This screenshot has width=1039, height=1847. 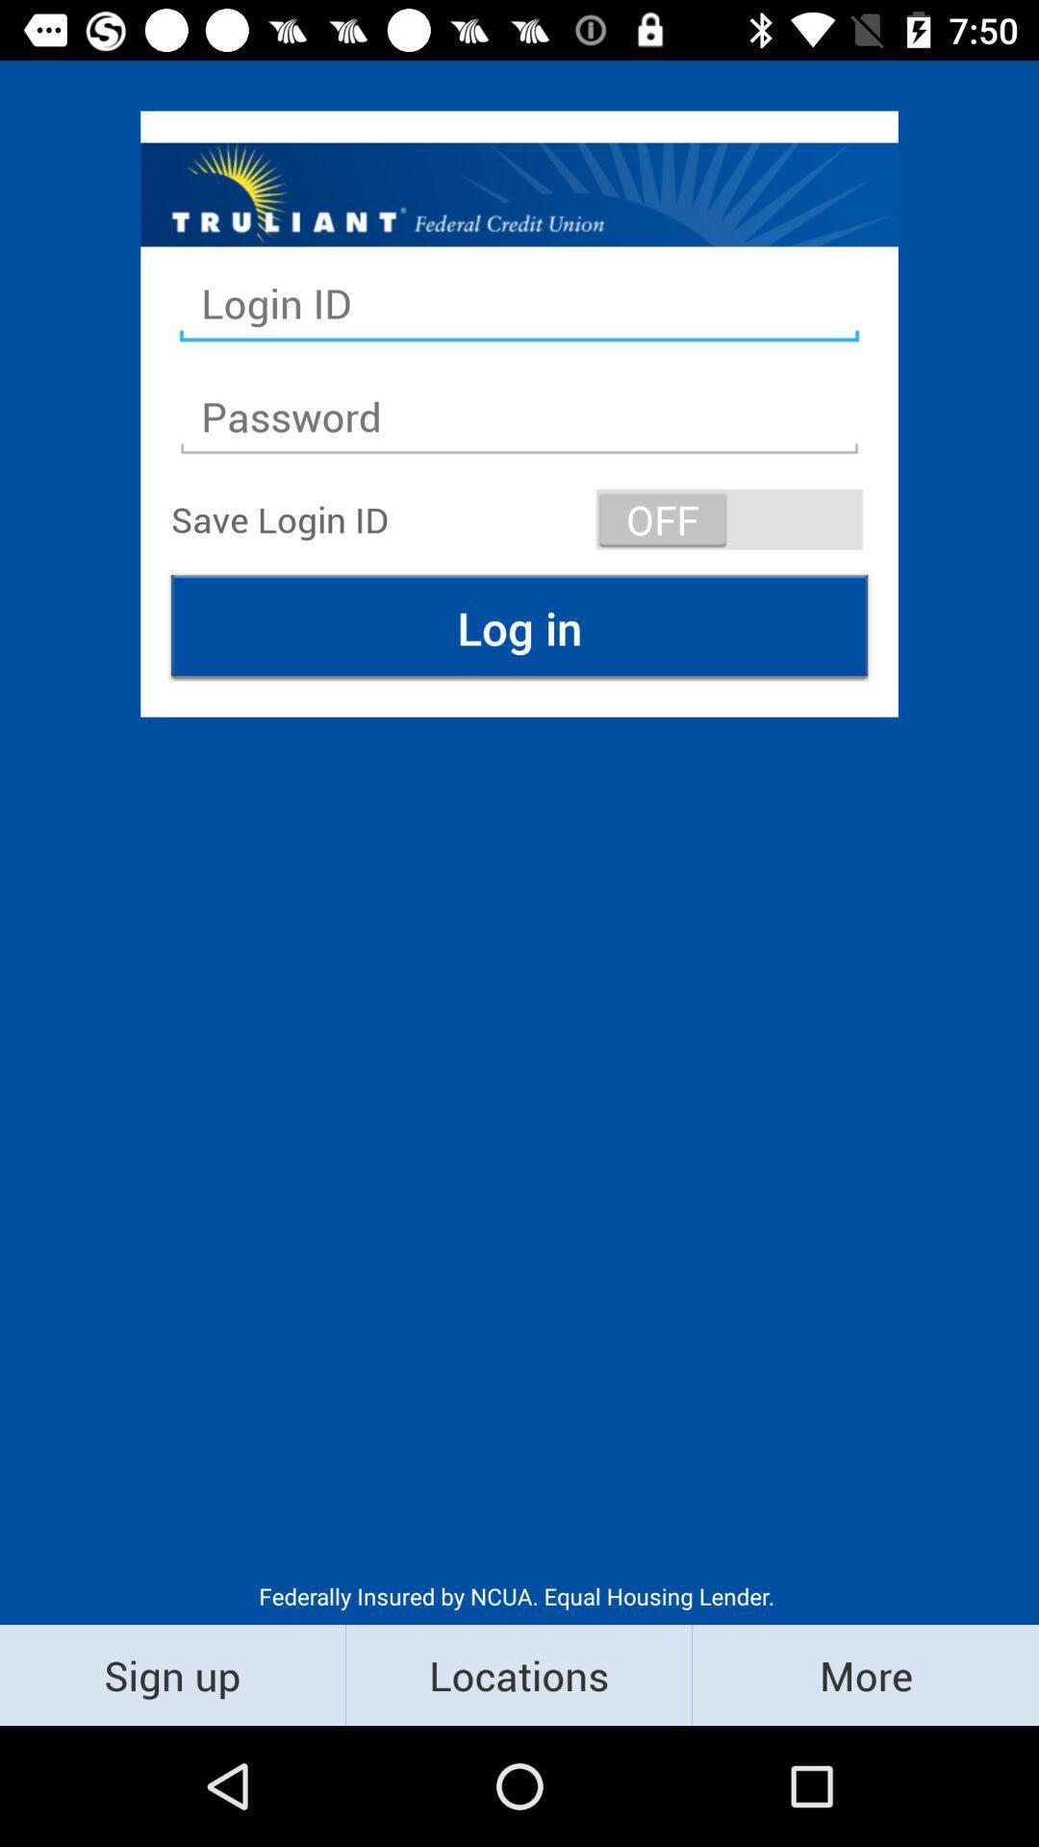 What do you see at coordinates (518, 1674) in the screenshot?
I see `item to the right of the sign up` at bounding box center [518, 1674].